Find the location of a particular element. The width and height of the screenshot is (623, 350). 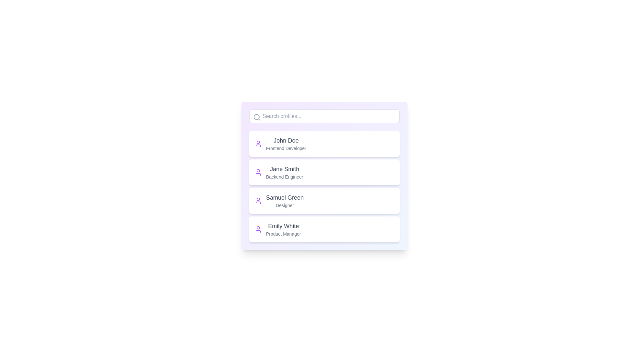

the text block displaying 'Emily White' and 'Product Manager', located in the fourth card down in the list of profiles, to the right of the purple user icon is located at coordinates (283, 229).